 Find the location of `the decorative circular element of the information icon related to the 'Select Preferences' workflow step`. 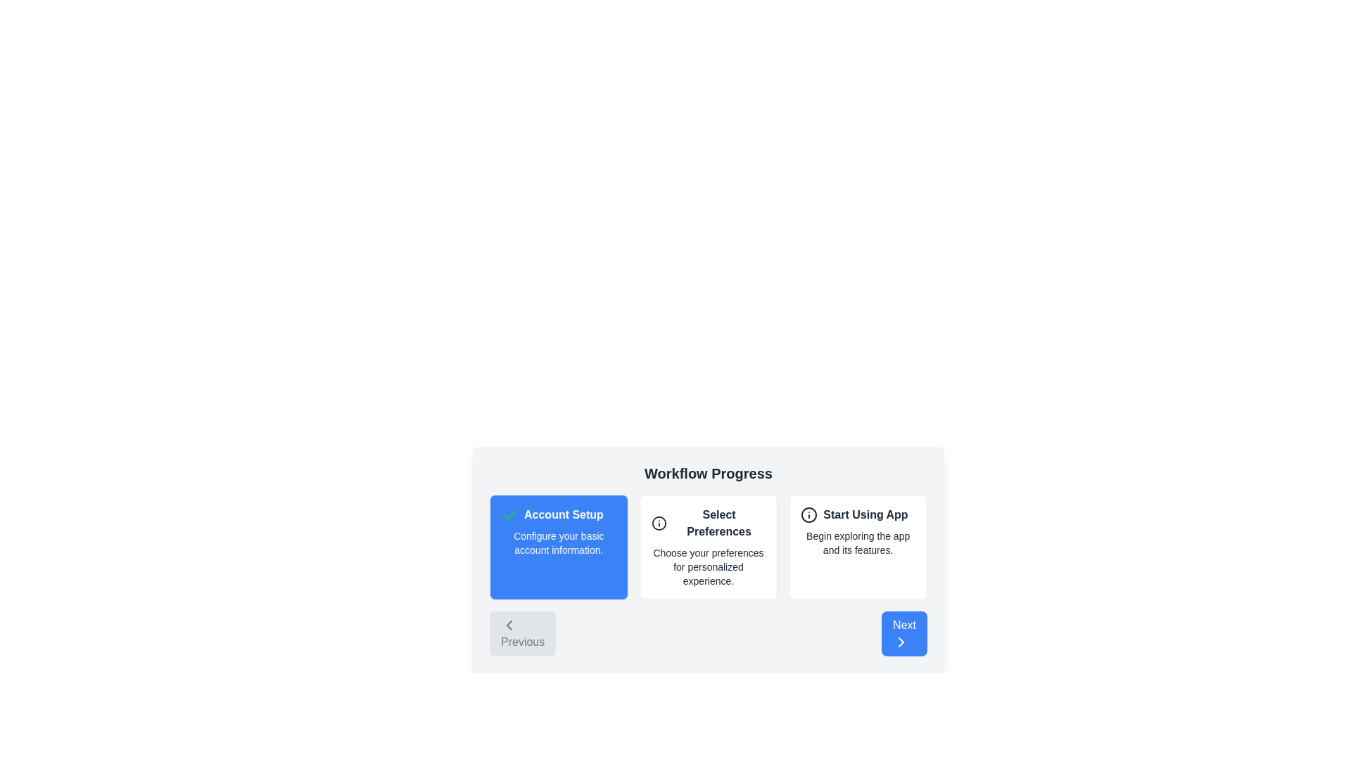

the decorative circular element of the information icon related to the 'Select Preferences' workflow step is located at coordinates (809, 514).